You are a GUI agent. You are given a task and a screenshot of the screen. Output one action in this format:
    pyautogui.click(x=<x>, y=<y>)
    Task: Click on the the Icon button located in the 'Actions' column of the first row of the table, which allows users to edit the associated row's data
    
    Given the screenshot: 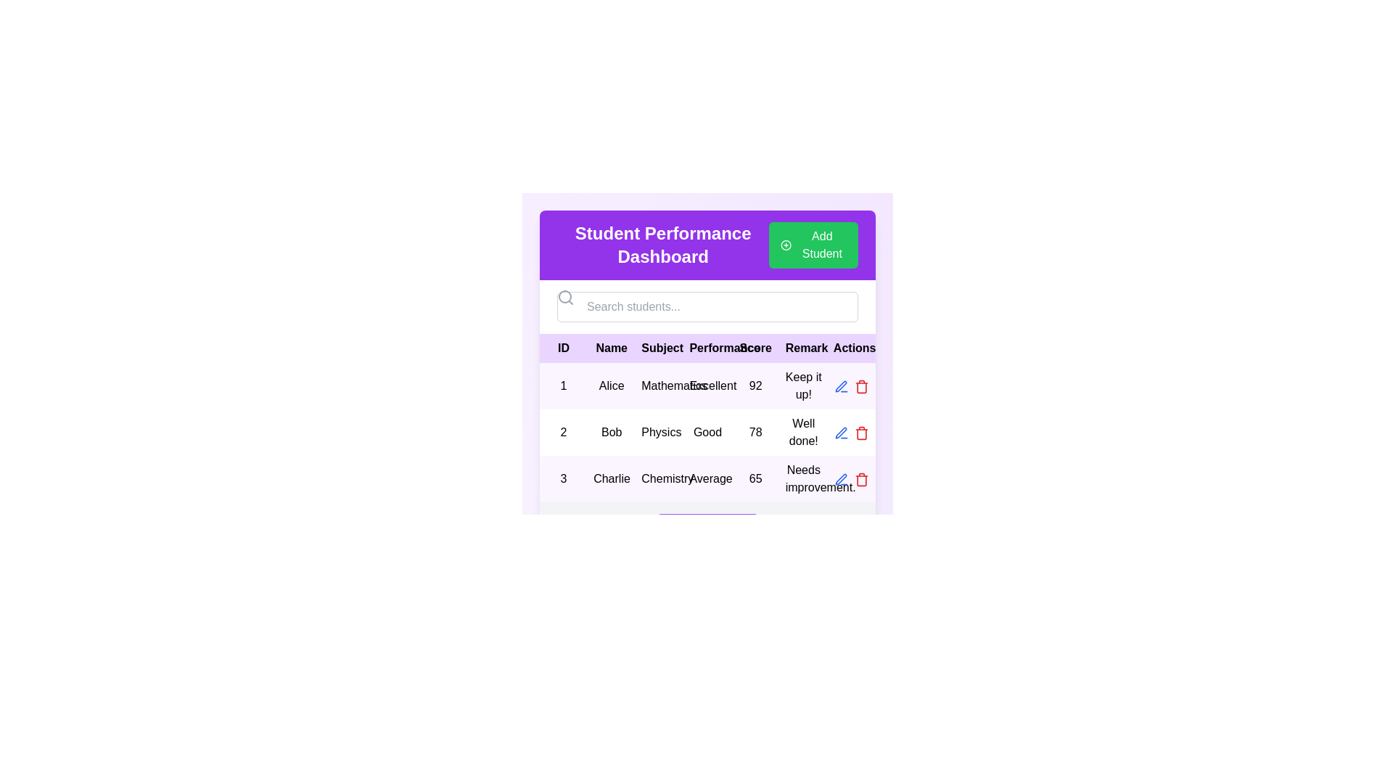 What is the action you would take?
    pyautogui.click(x=841, y=432)
    